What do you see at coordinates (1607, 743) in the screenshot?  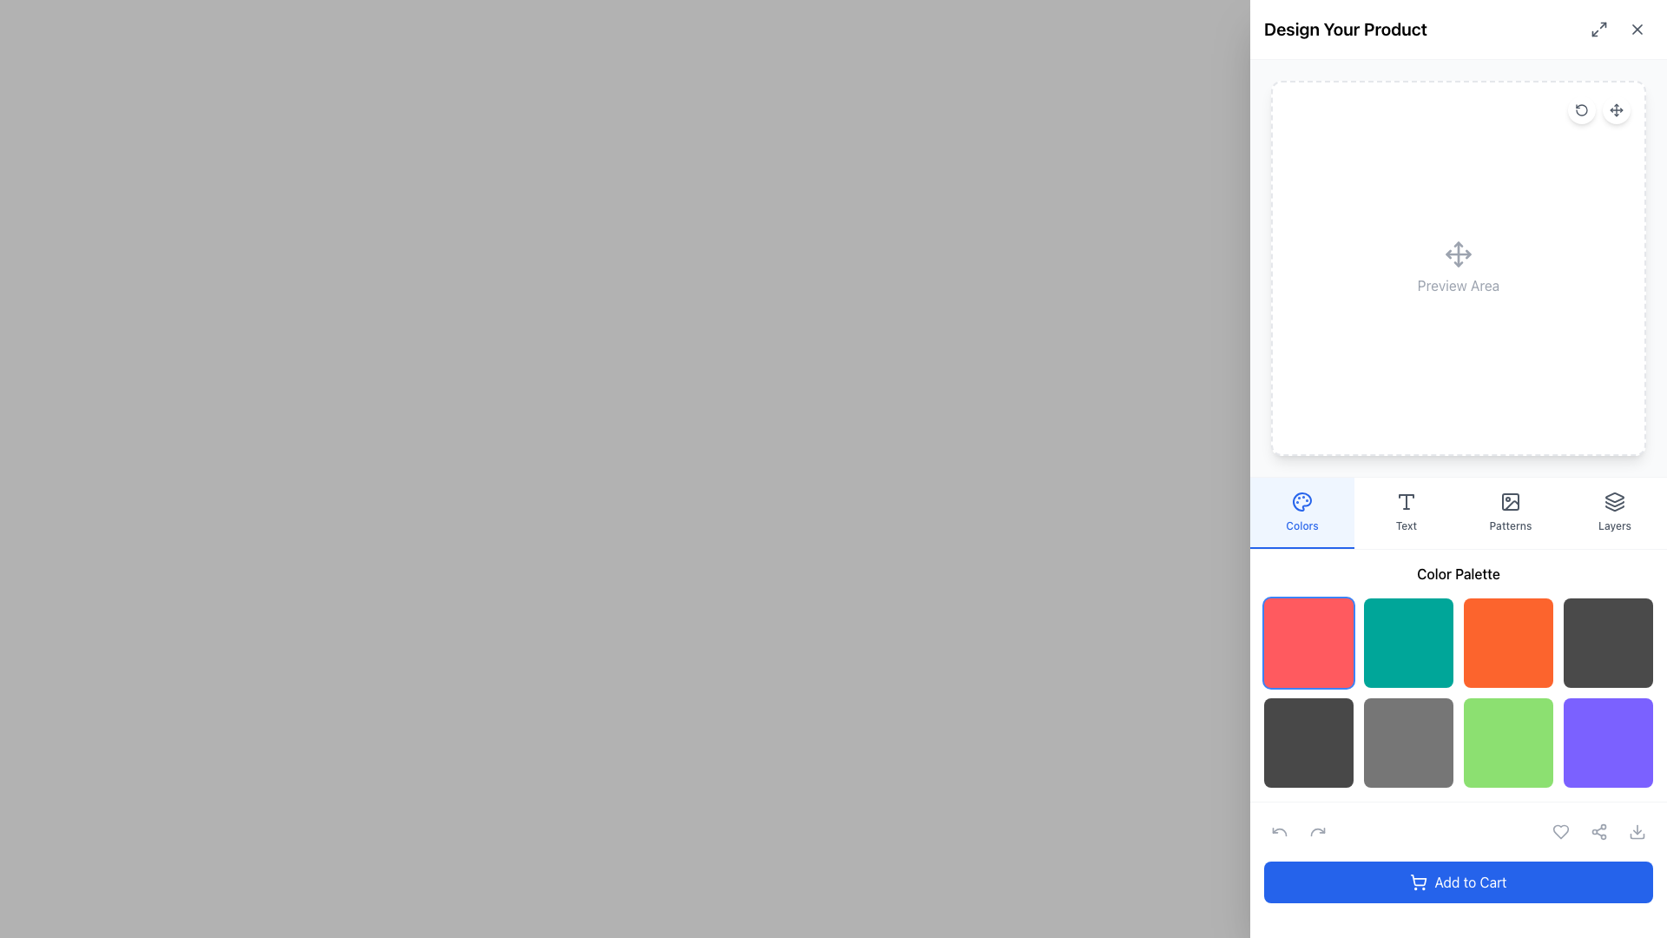 I see `the purple square button with rounded corners located in the bottom-right corner of the color palette grid` at bounding box center [1607, 743].